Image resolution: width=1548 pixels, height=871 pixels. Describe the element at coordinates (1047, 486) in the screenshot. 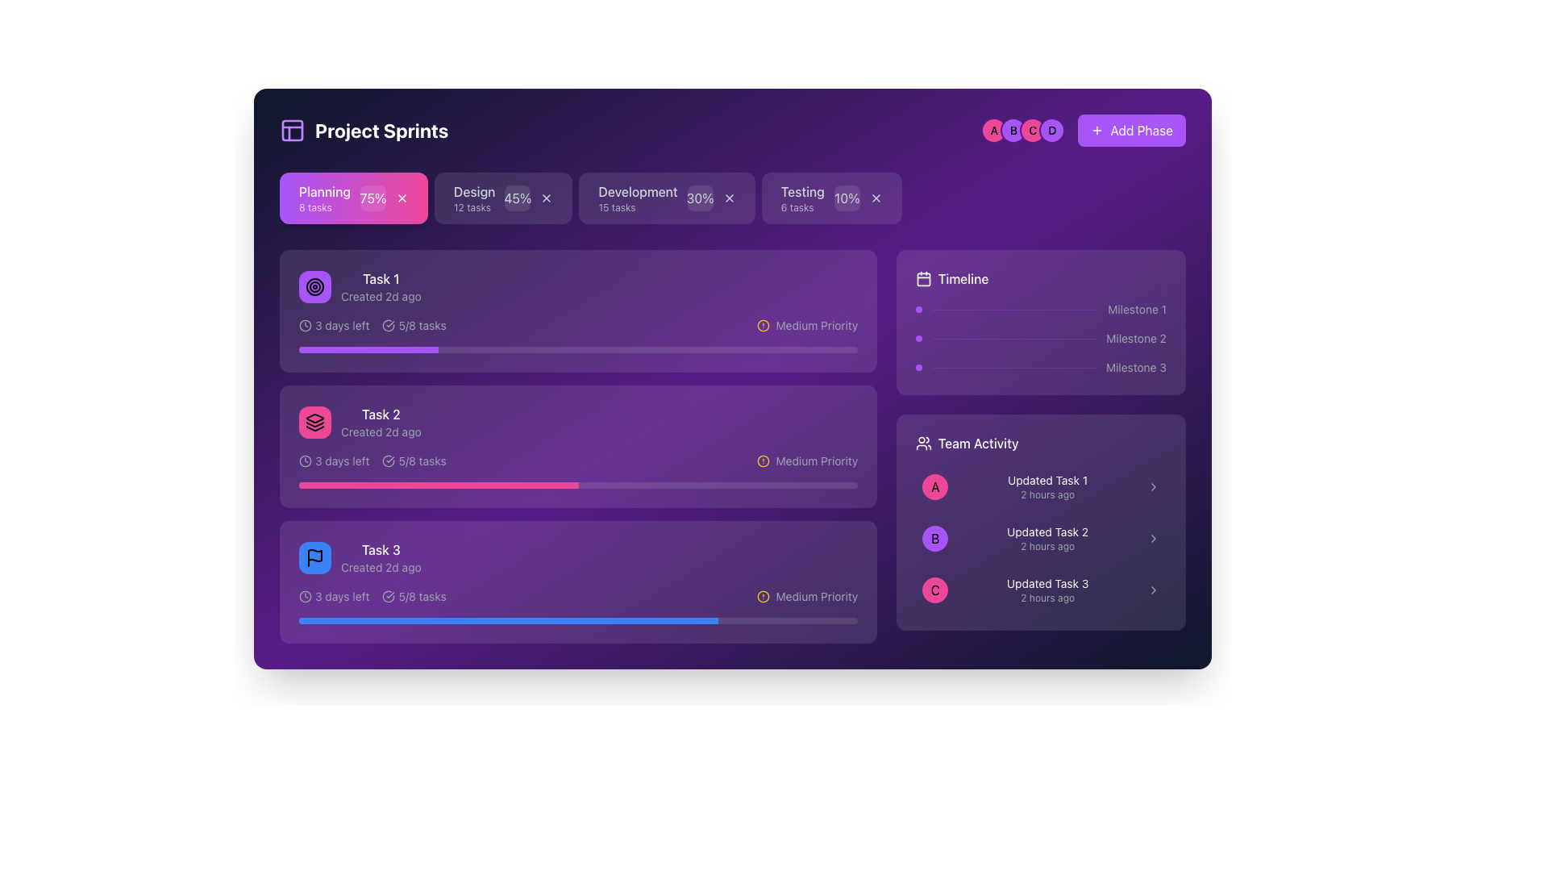

I see `displayed task title and timestamp from the composite text display element located in the central section of the 'Team Activity' module, specifically the first item in the vertical list of tasks` at that location.